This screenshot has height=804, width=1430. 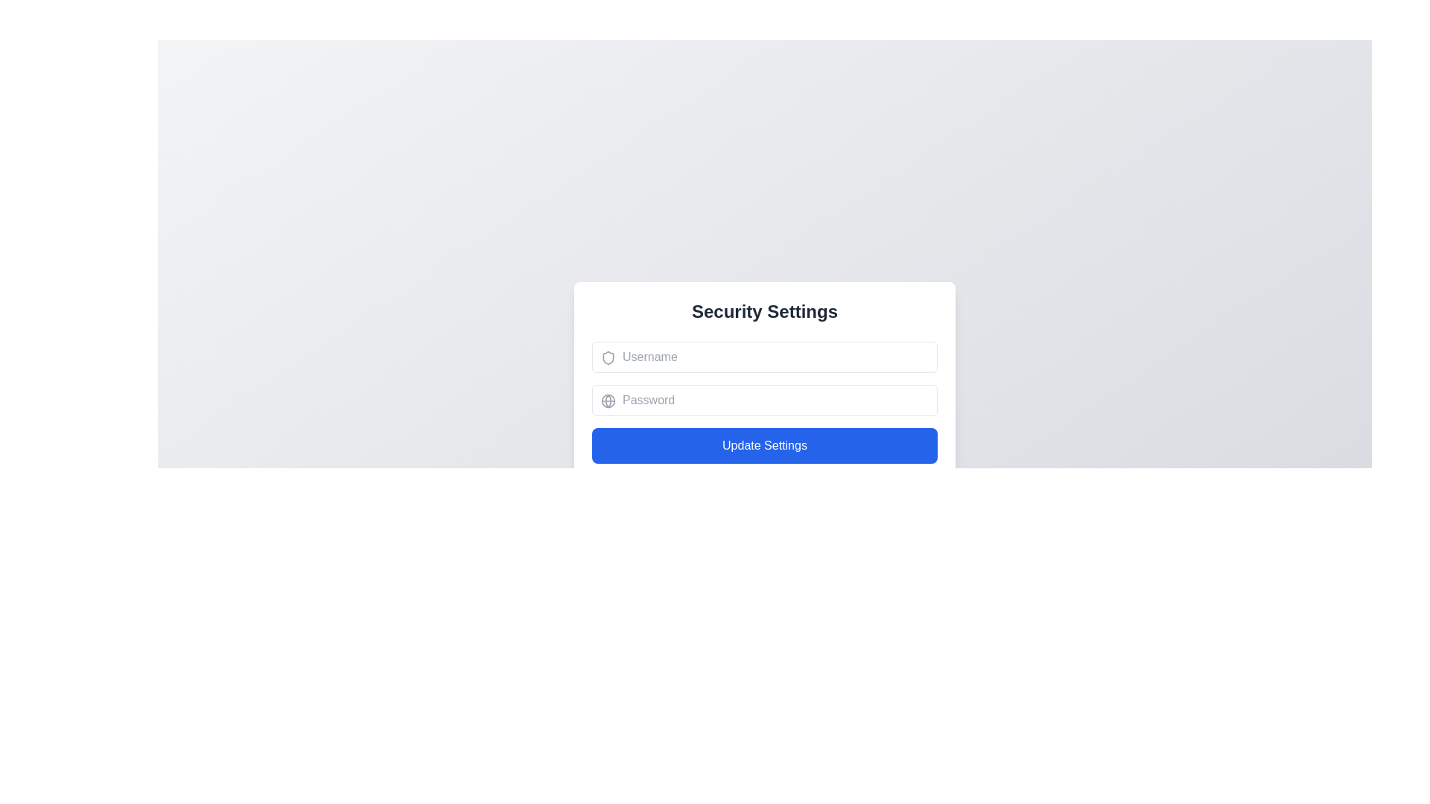 I want to click on the central circular shape of the globe icon located next to the 'Password' input field in the 'Security Settings' section, so click(x=608, y=399).